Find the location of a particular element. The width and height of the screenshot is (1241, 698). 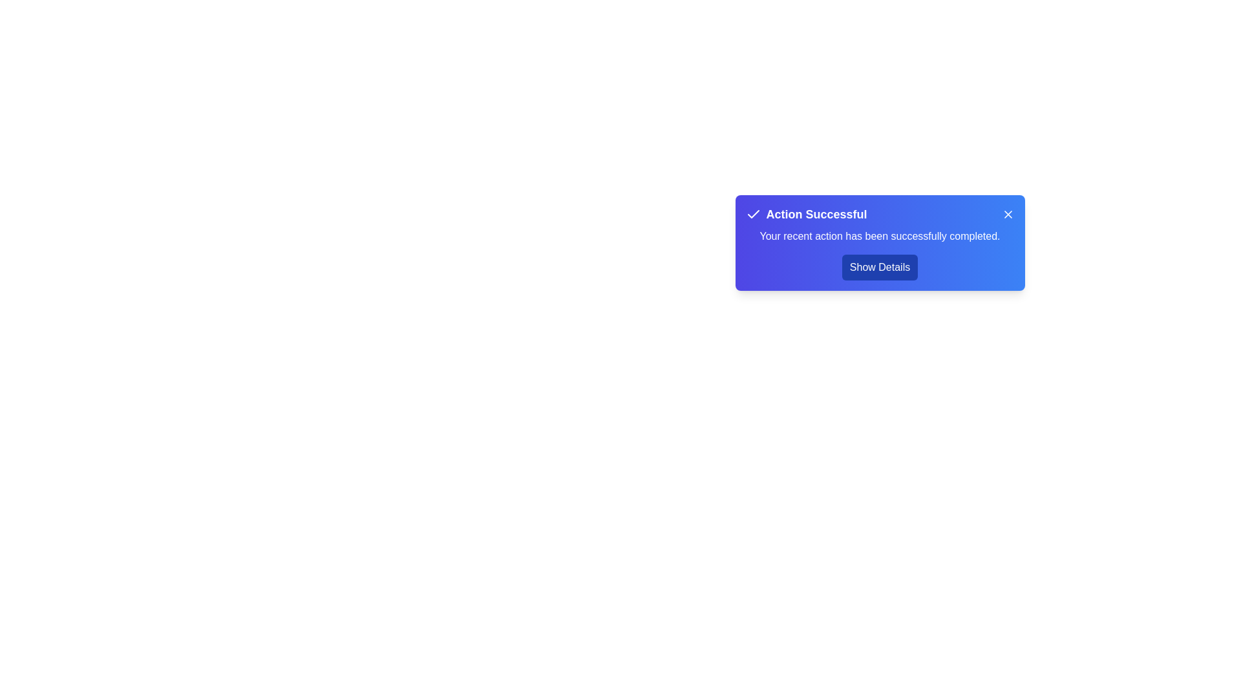

the close button to dismiss the alert is located at coordinates (1007, 213).